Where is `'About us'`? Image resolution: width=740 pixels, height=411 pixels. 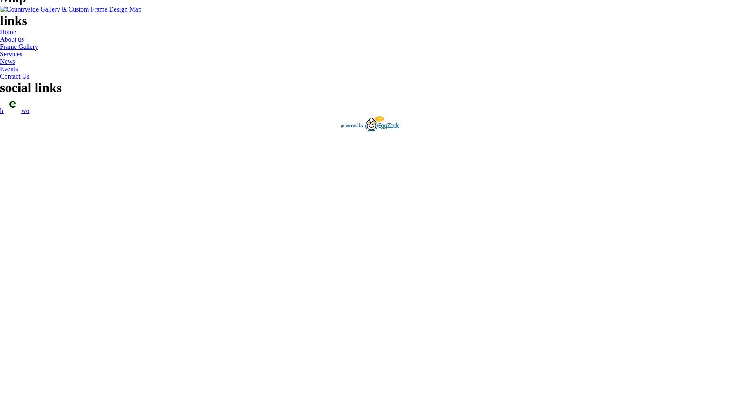
'About us' is located at coordinates (11, 39).